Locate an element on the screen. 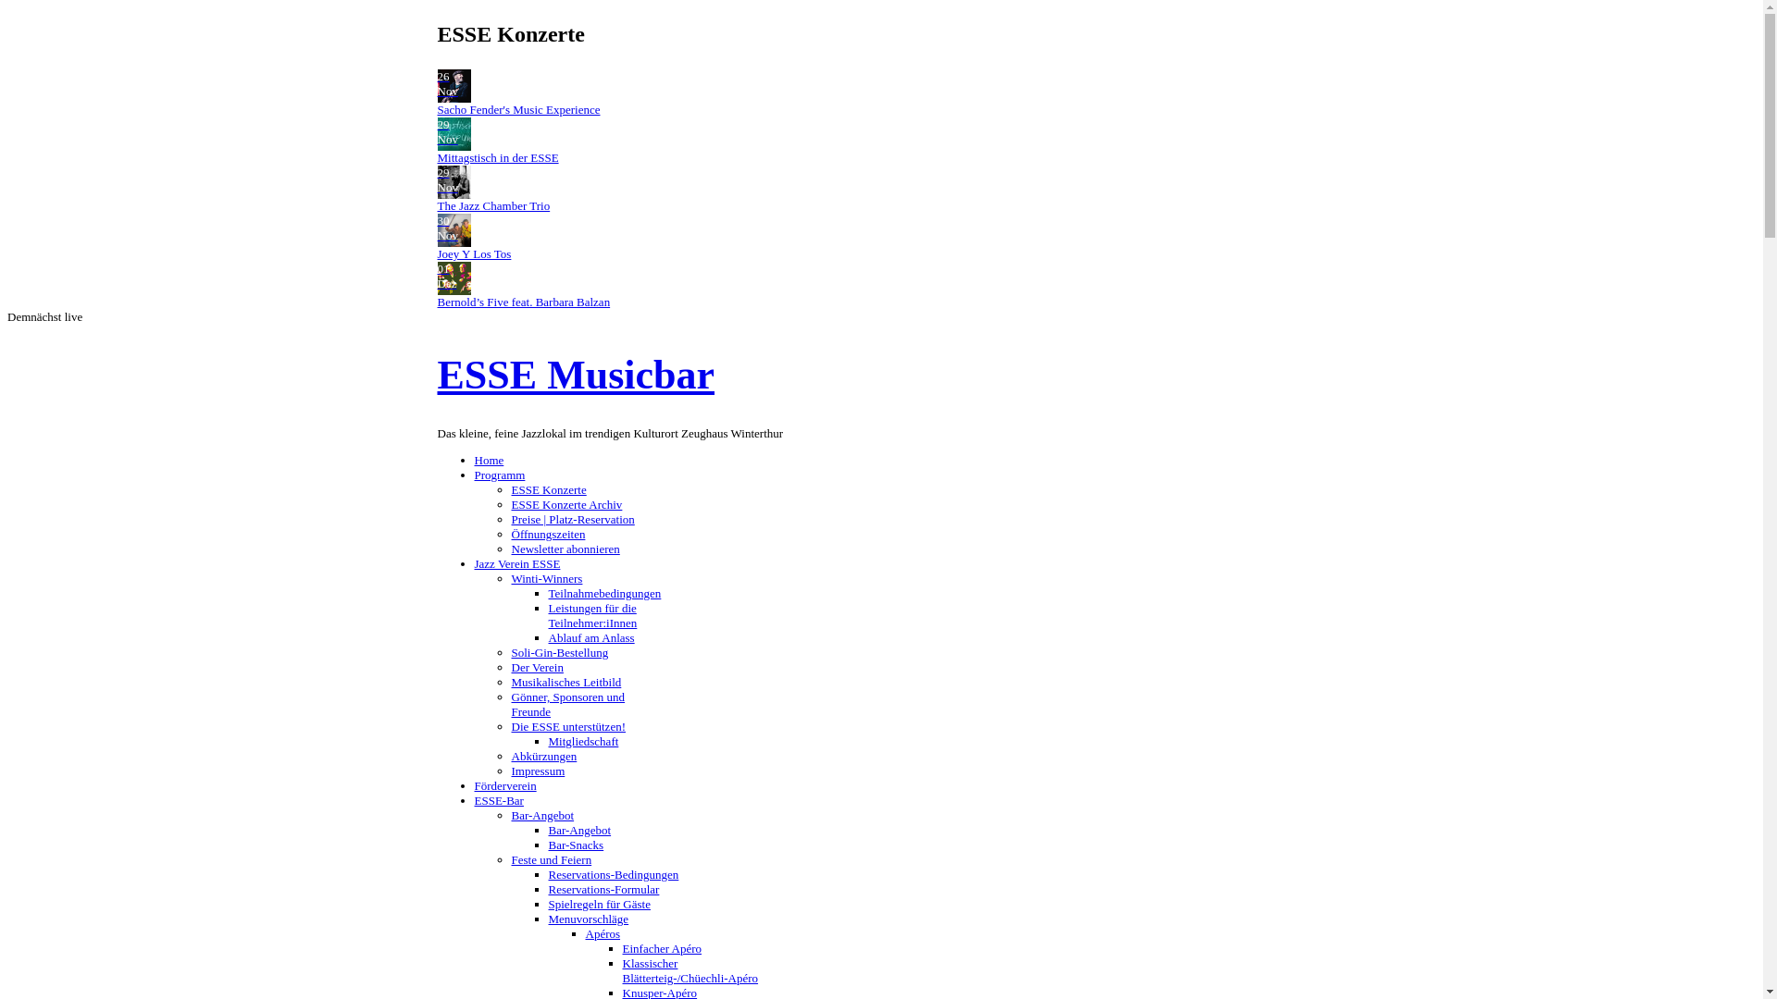 Image resolution: width=1777 pixels, height=999 pixels. 'Bar-Snacks' is located at coordinates (575, 845).